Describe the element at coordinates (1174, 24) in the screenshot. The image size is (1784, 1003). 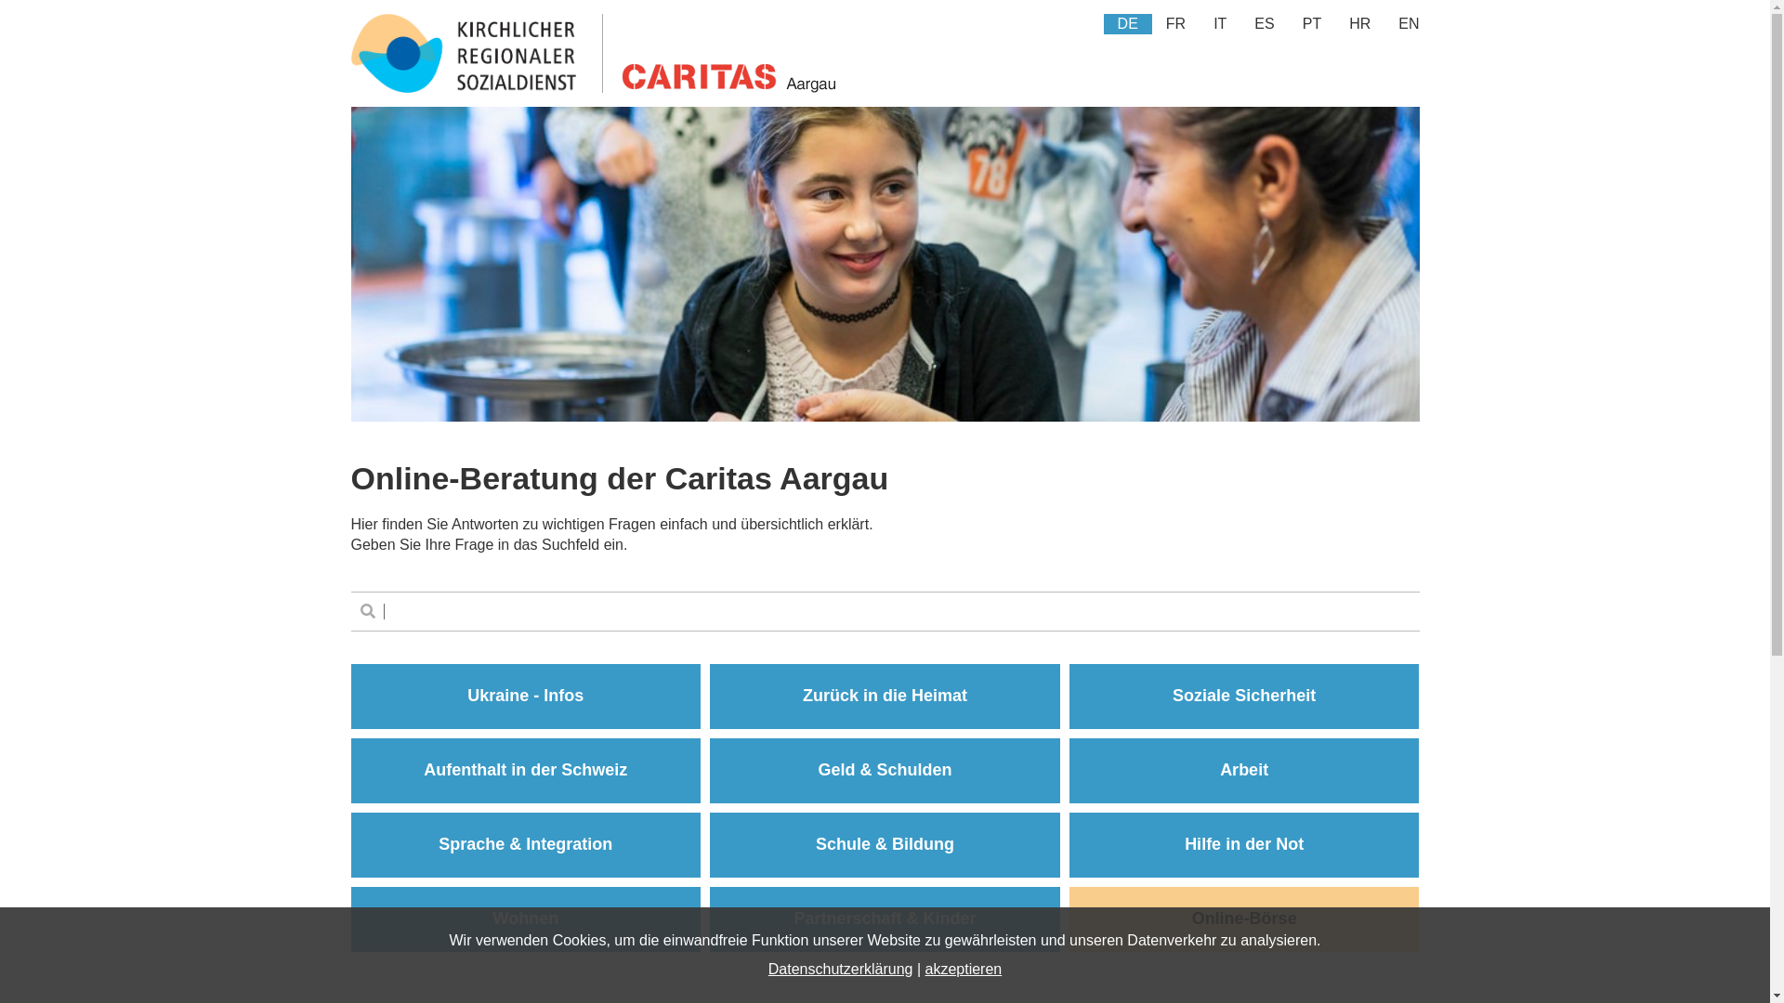
I see `'FR'` at that location.